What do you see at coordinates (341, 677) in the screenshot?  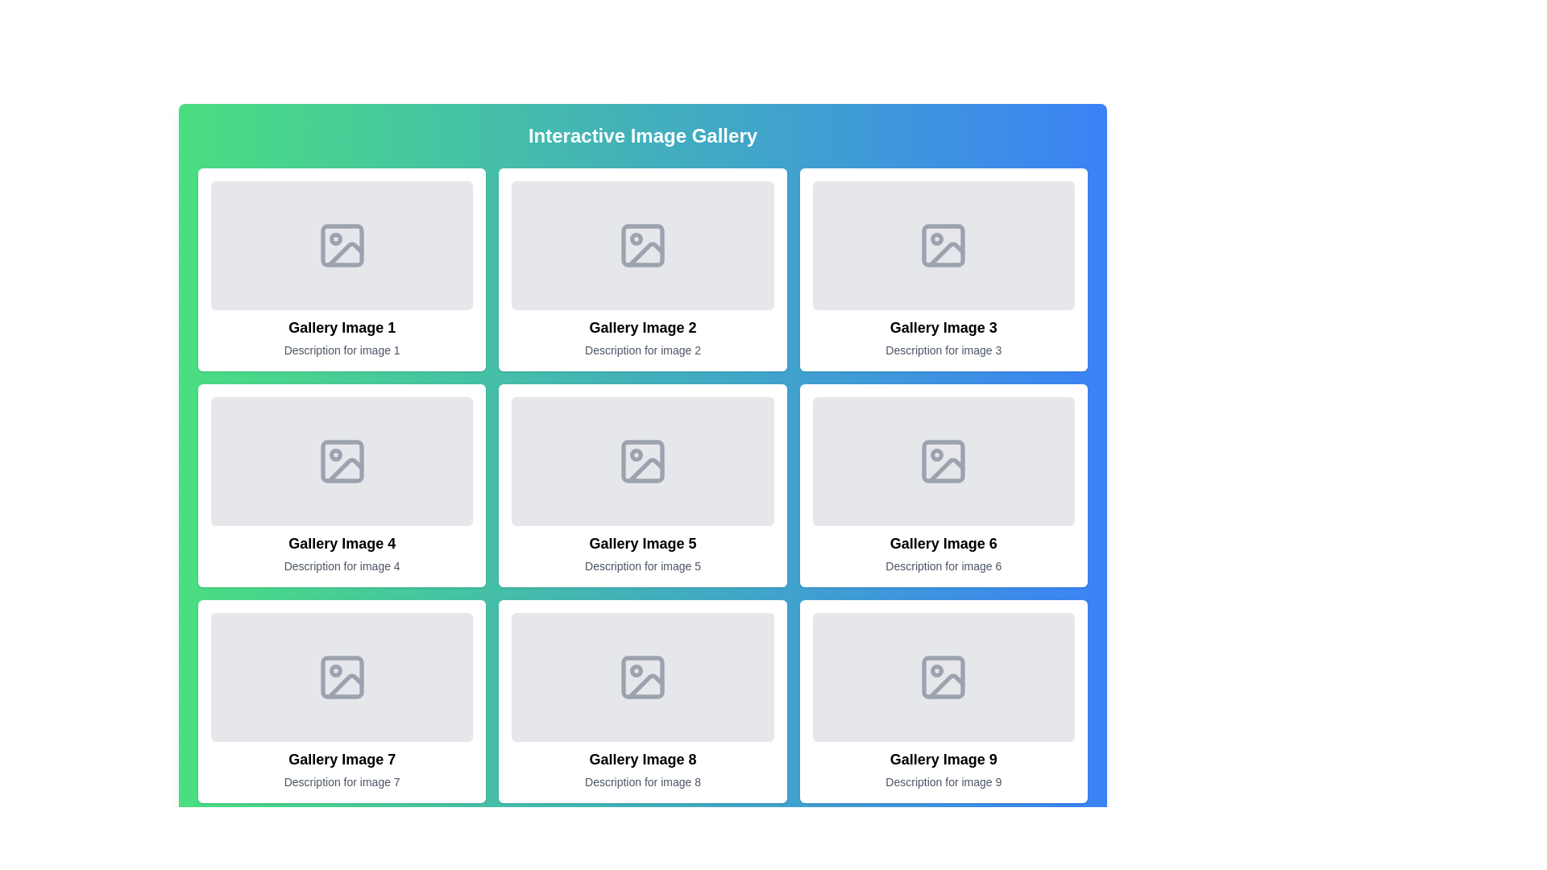 I see `the top-left corner sub-component of the photo thumbnail icon in the seventh gallery item` at bounding box center [341, 677].